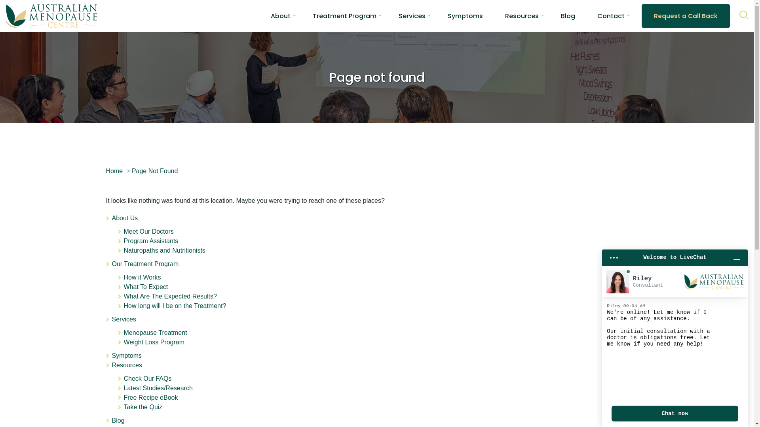  What do you see at coordinates (148, 231) in the screenshot?
I see `'Meet Our Doctors'` at bounding box center [148, 231].